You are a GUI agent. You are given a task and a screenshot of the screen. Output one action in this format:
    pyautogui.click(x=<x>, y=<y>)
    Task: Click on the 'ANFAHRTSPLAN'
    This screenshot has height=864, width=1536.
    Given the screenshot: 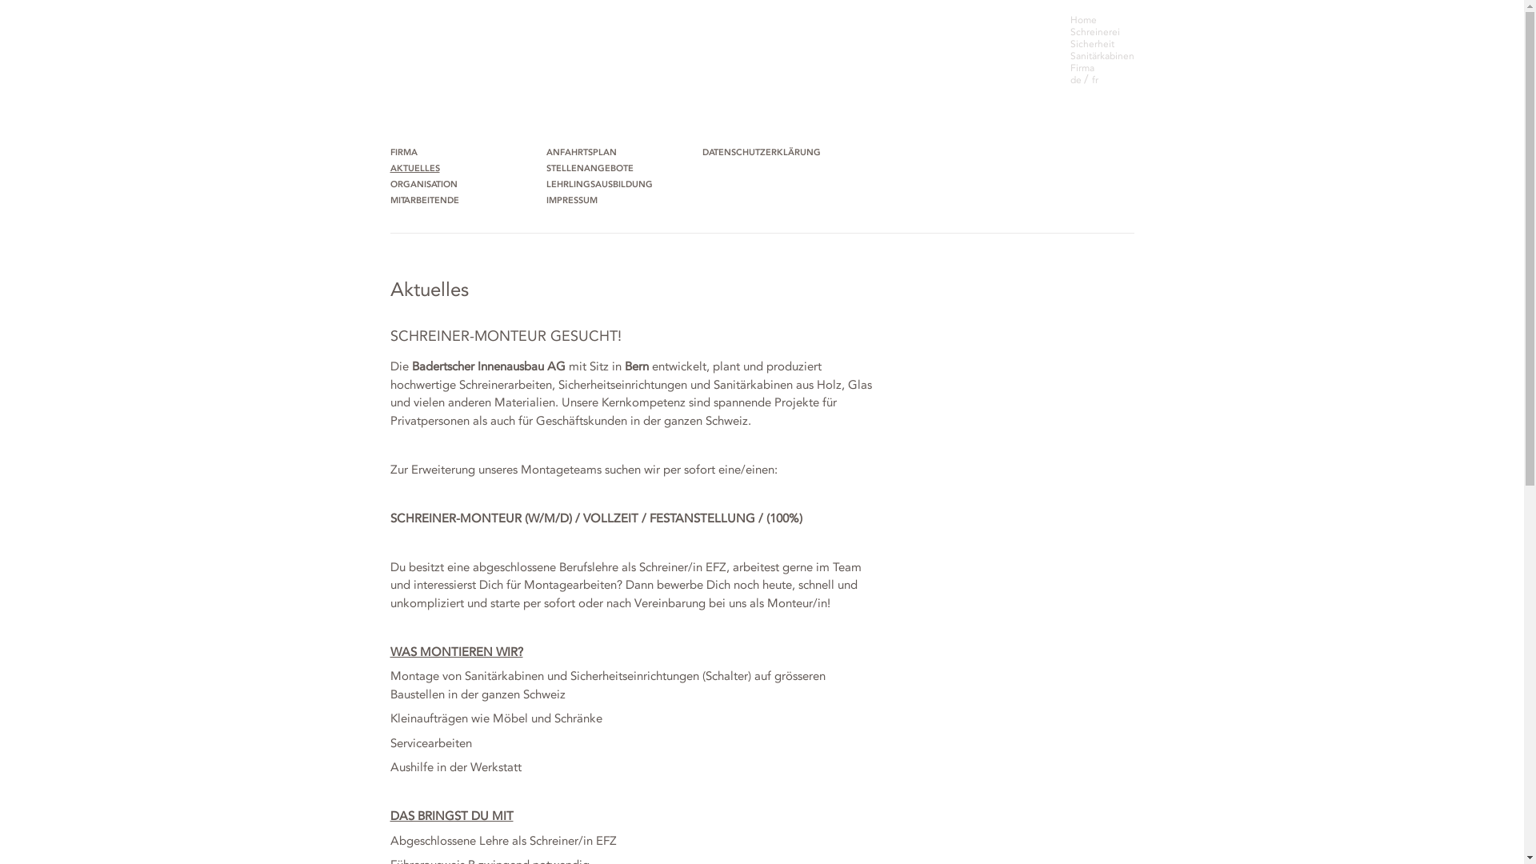 What is the action you would take?
    pyautogui.click(x=580, y=153)
    